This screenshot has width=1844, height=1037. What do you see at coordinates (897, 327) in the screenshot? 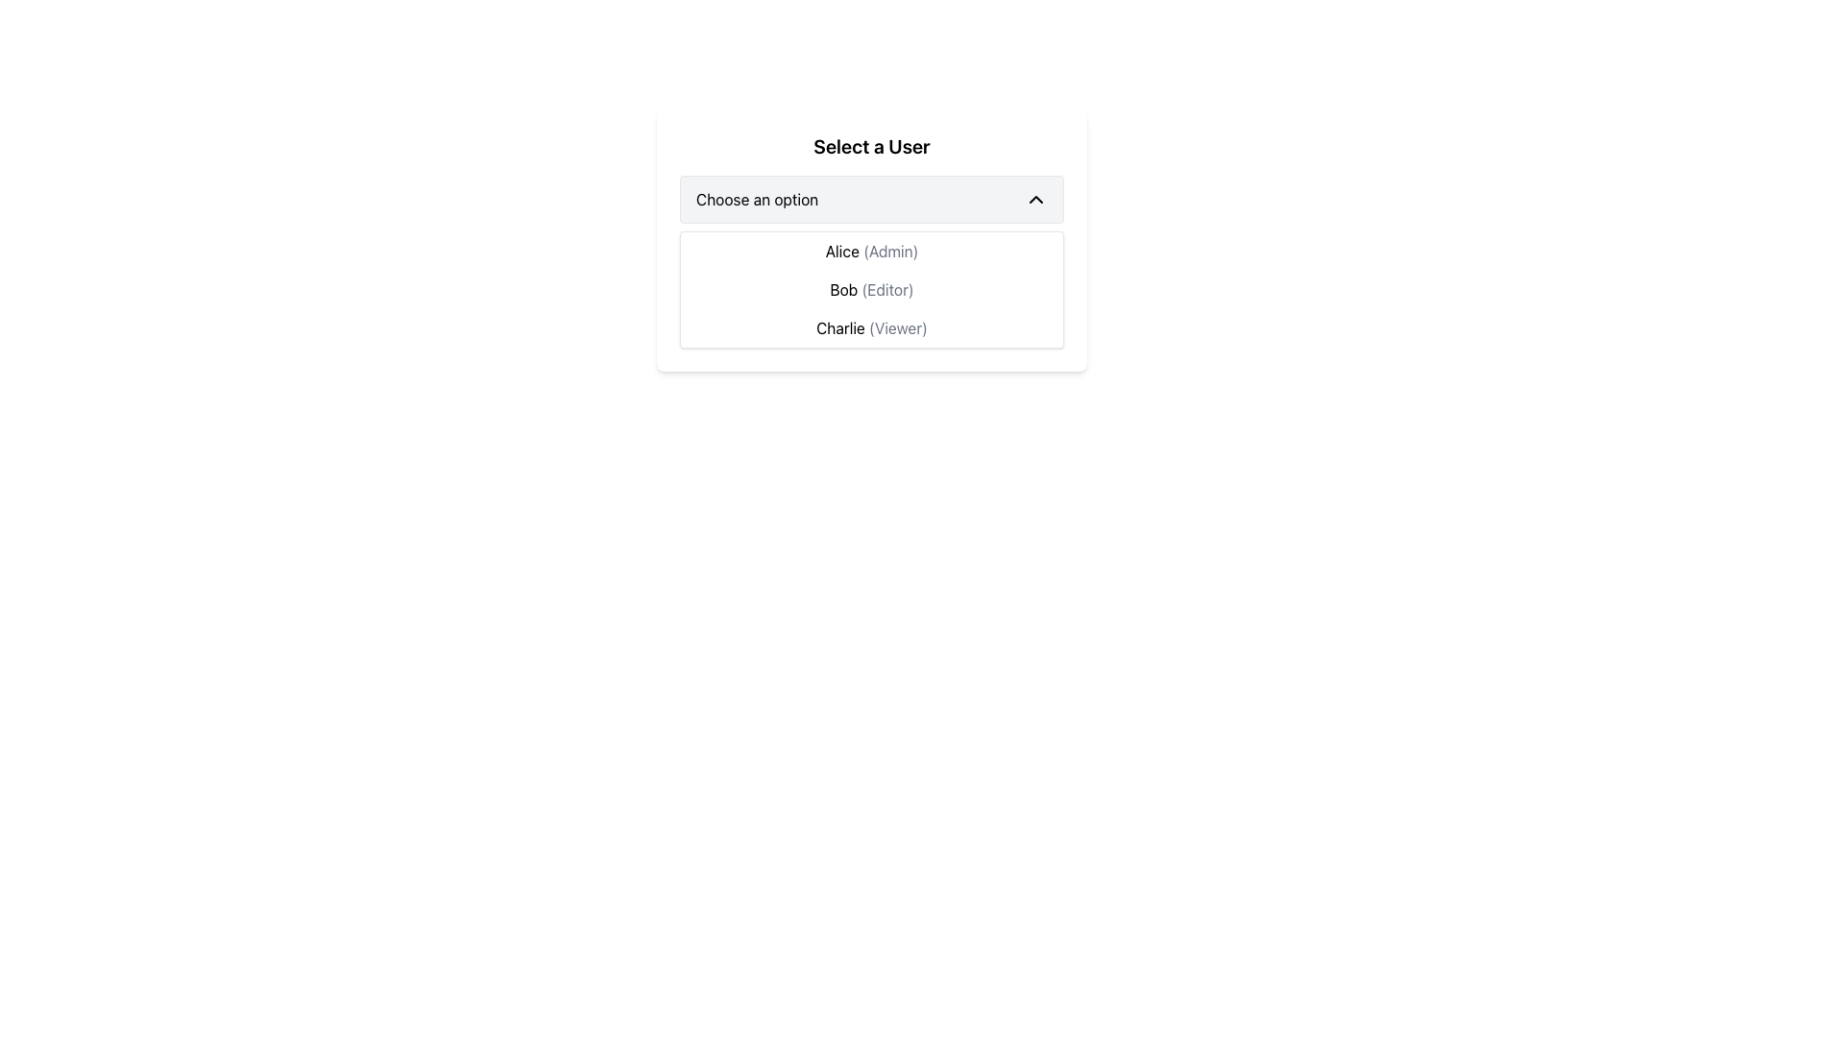
I see `the text label '(Viewer)' in gray font located to the right of 'Charlie' in the dropdown menu labeled 'Select a User'` at bounding box center [897, 327].